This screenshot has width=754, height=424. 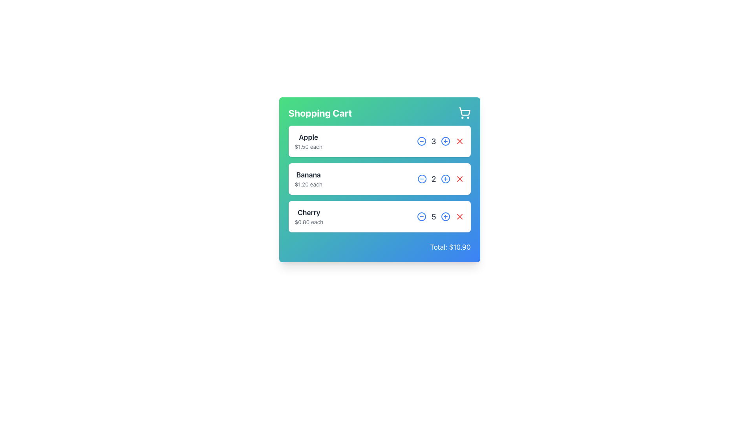 What do you see at coordinates (441, 216) in the screenshot?
I see `the Quantity Selector component for the 'Cherry' entry in the shopping cart to provide user feedback` at bounding box center [441, 216].